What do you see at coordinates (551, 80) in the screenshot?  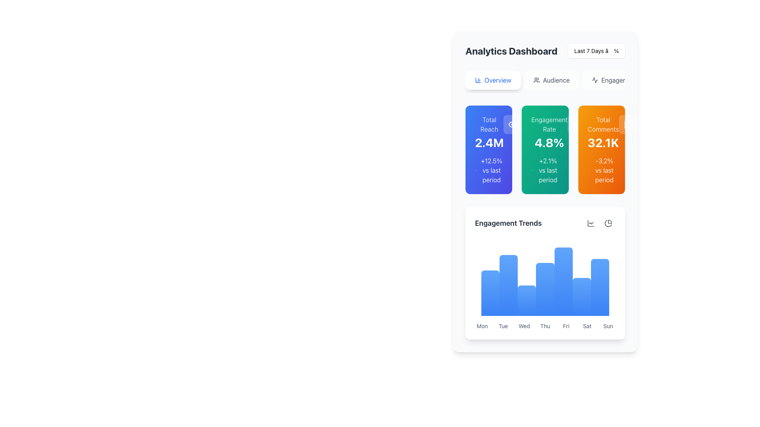 I see `the second button in the top navigation bar of the dashboard` at bounding box center [551, 80].